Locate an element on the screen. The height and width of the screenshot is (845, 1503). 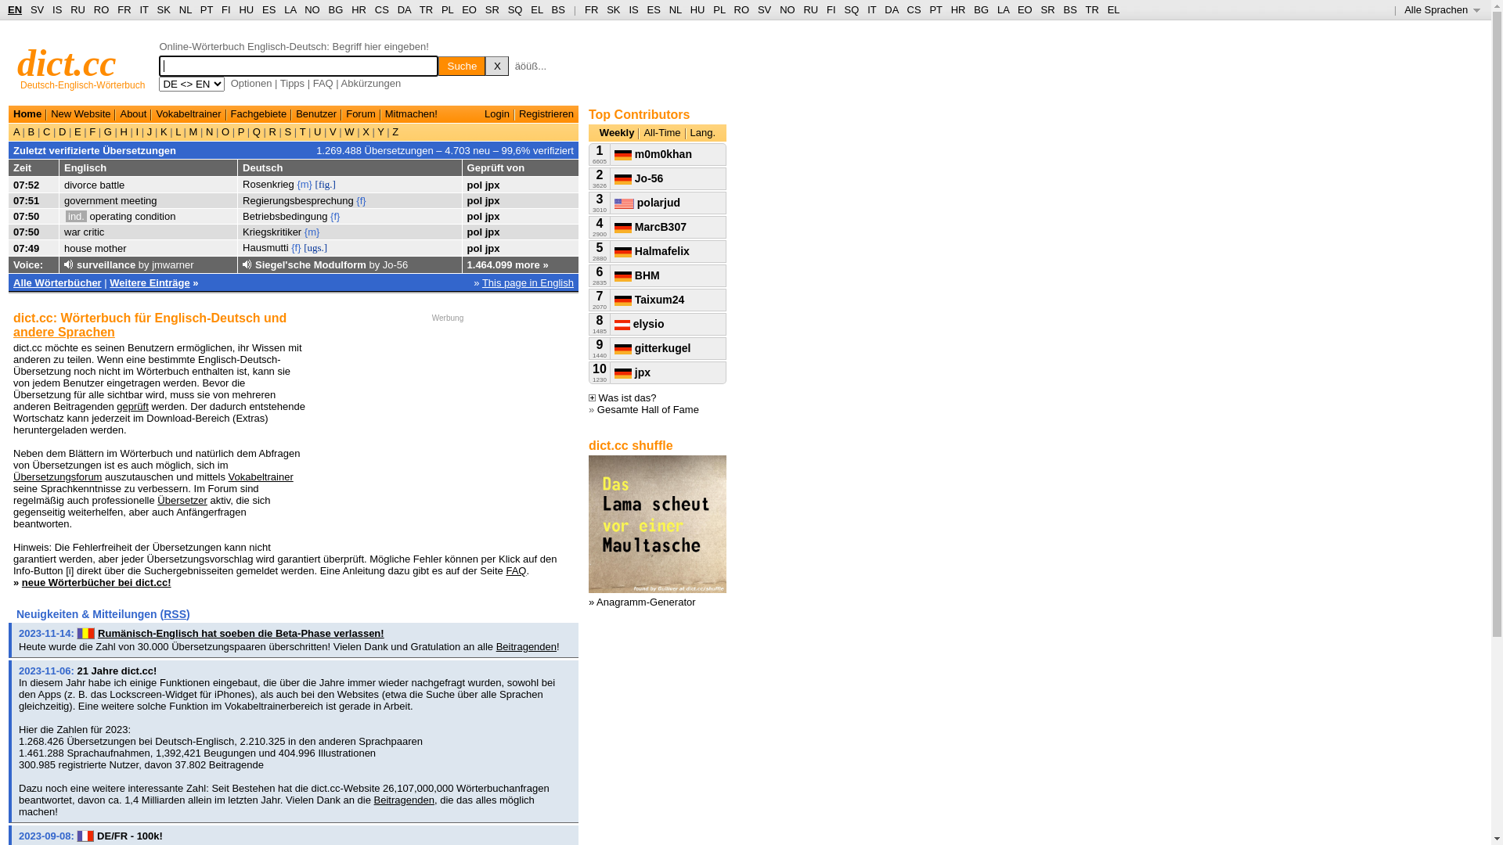
'Forum' is located at coordinates (359, 113).